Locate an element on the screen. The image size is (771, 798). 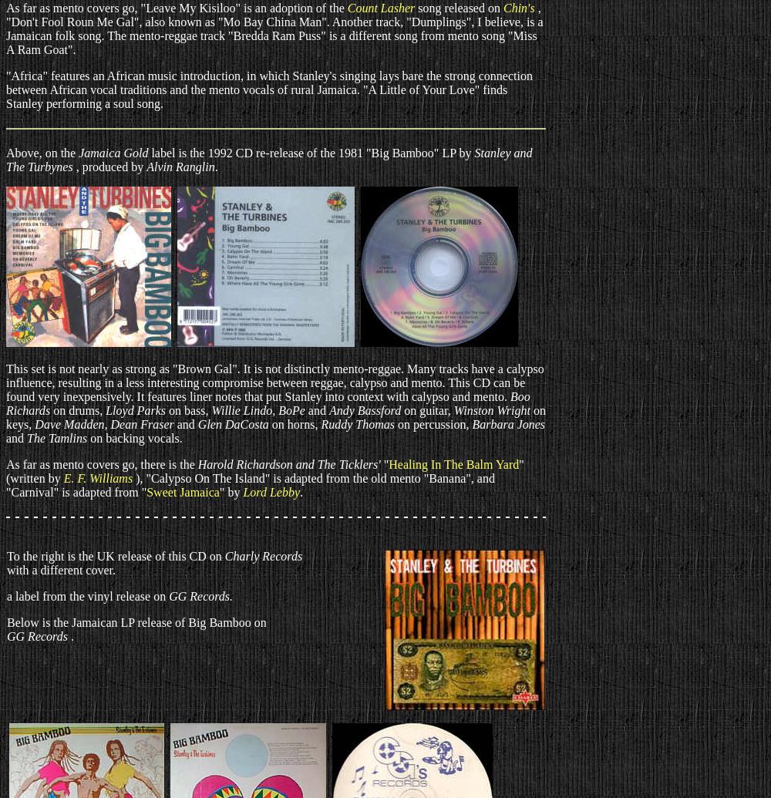
'Boo 
		Richards' is located at coordinates (267, 402).